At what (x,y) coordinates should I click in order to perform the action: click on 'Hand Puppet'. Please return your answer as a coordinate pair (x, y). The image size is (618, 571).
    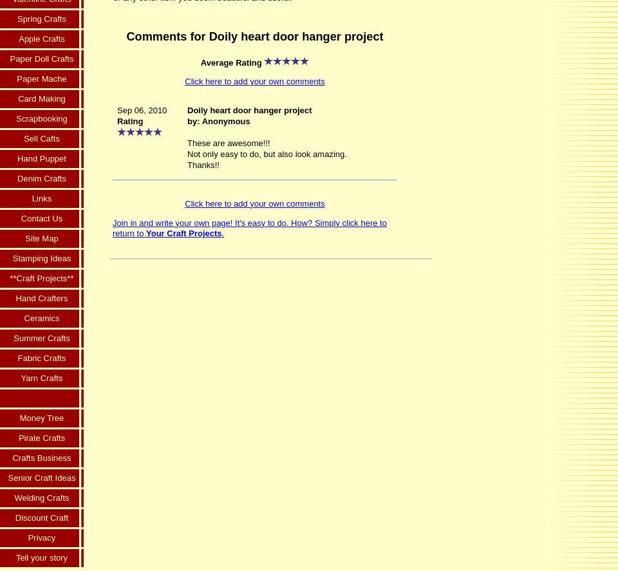
    Looking at the image, I should click on (41, 158).